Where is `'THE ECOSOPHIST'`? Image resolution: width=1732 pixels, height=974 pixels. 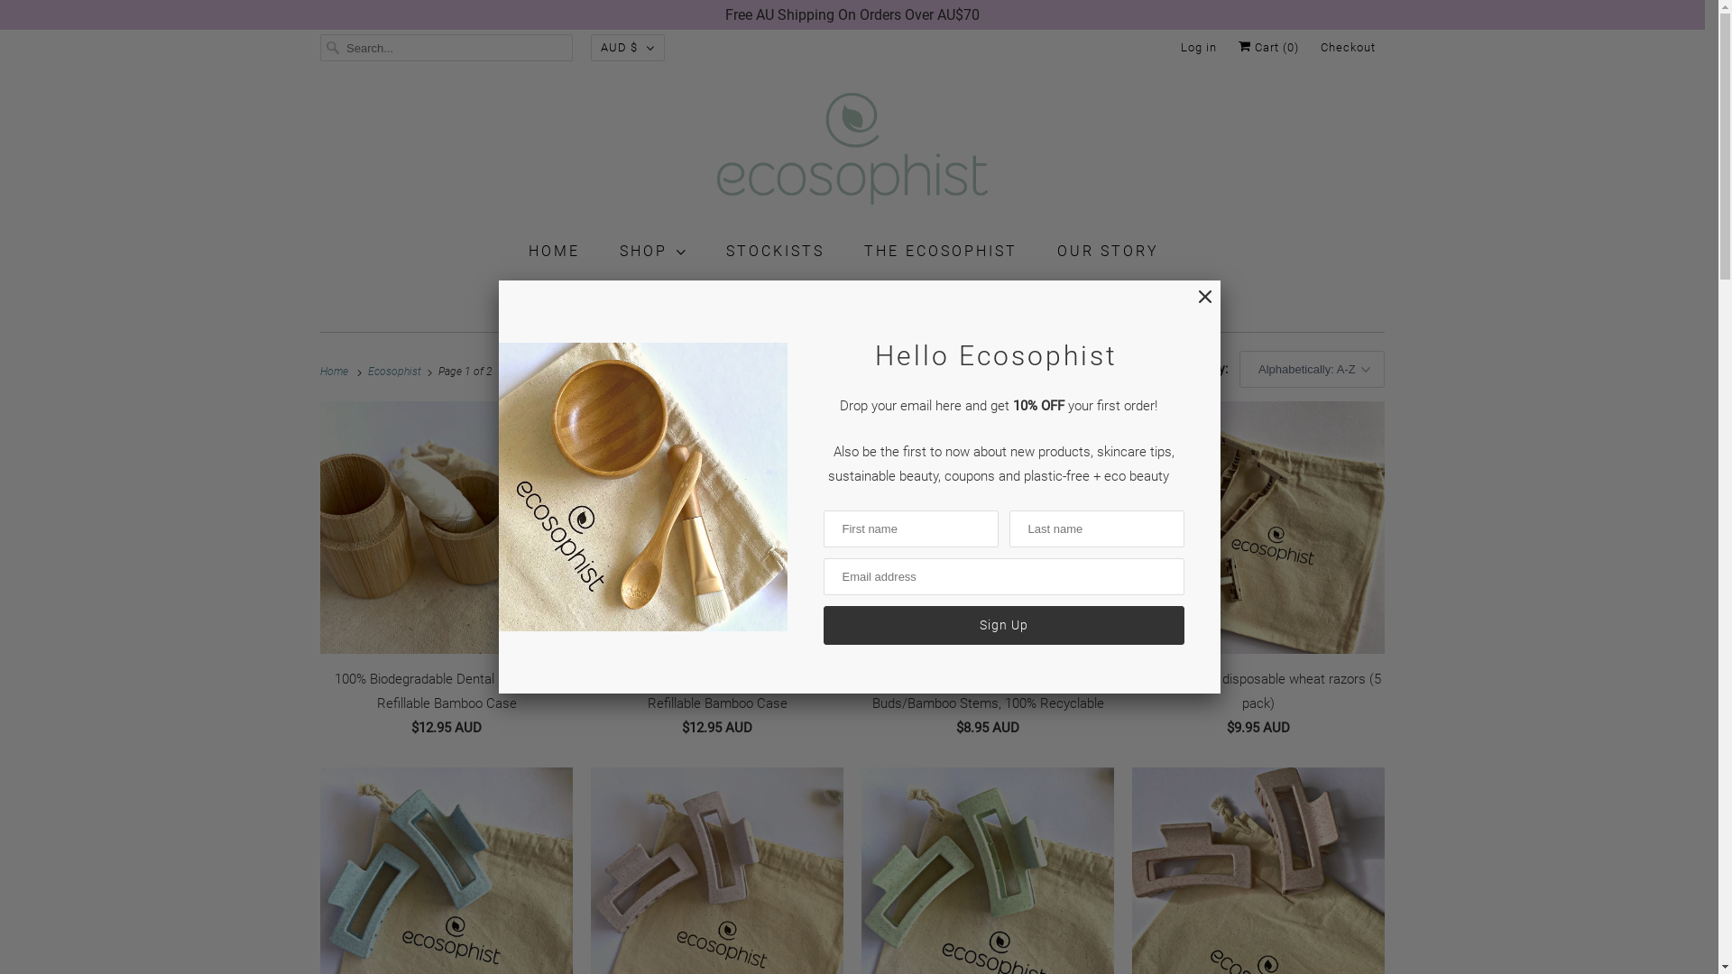
'THE ECOSOPHIST' is located at coordinates (863, 251).